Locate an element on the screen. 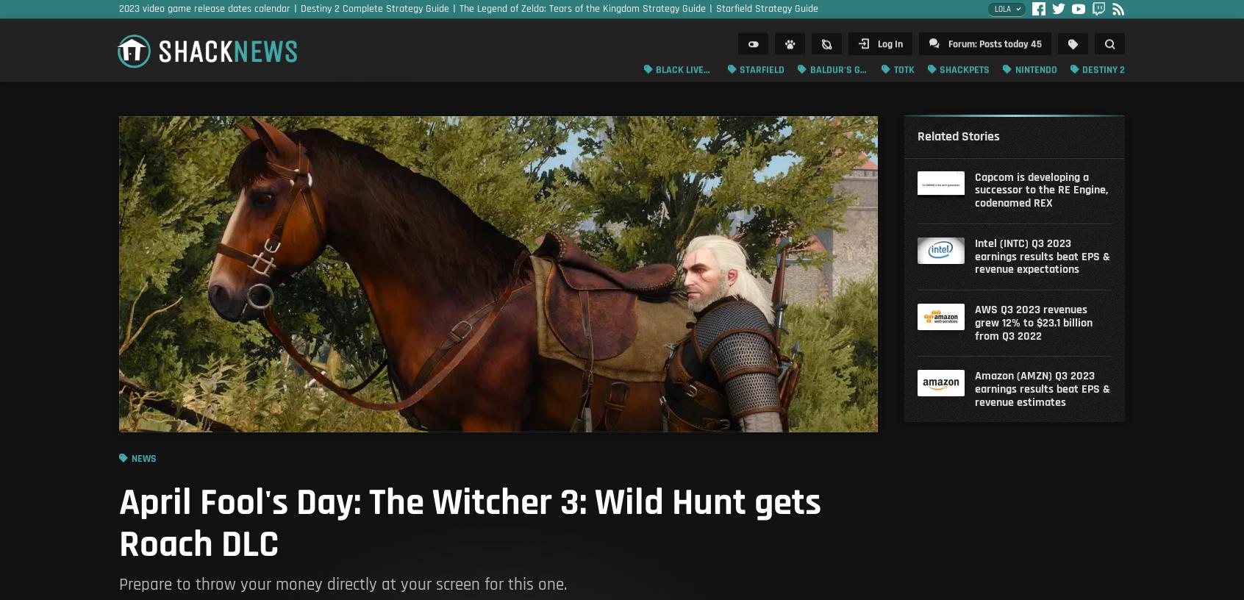  'April Fool's Day: The Witcher 3: Wild Hunt gets Roach DLC' is located at coordinates (470, 524).